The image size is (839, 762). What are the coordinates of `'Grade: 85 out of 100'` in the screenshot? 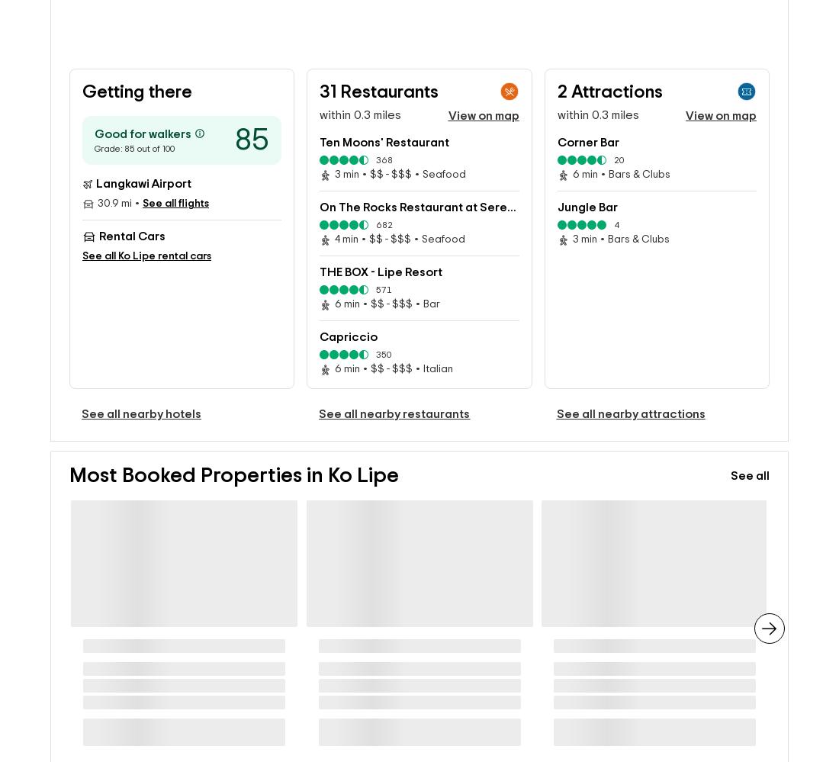 It's located at (133, 124).